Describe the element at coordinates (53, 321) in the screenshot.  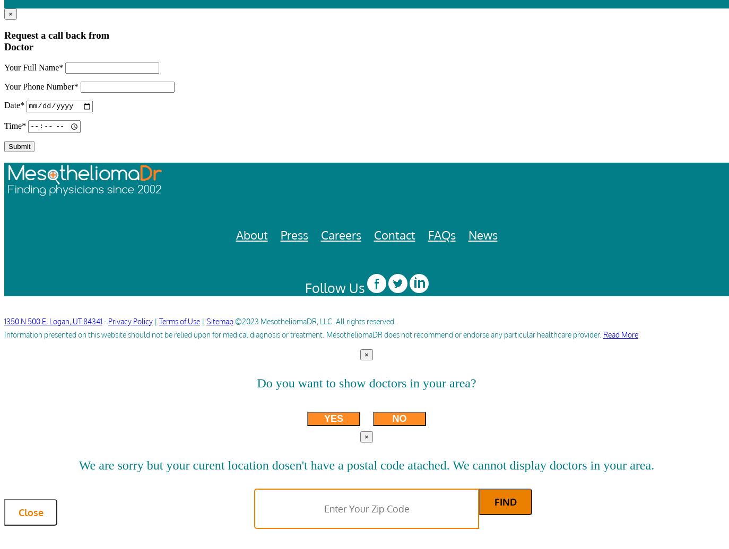
I see `'1350 N 500 E, Logan, UT 84341'` at that location.